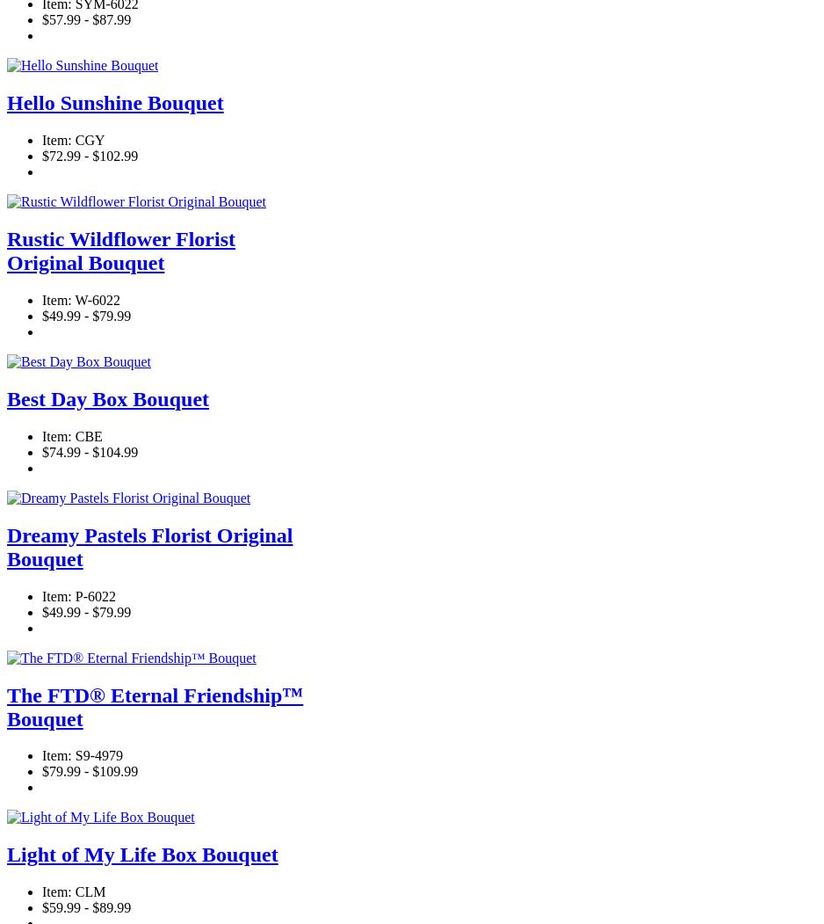  I want to click on '$72.99	- $102.99', so click(89, 156).